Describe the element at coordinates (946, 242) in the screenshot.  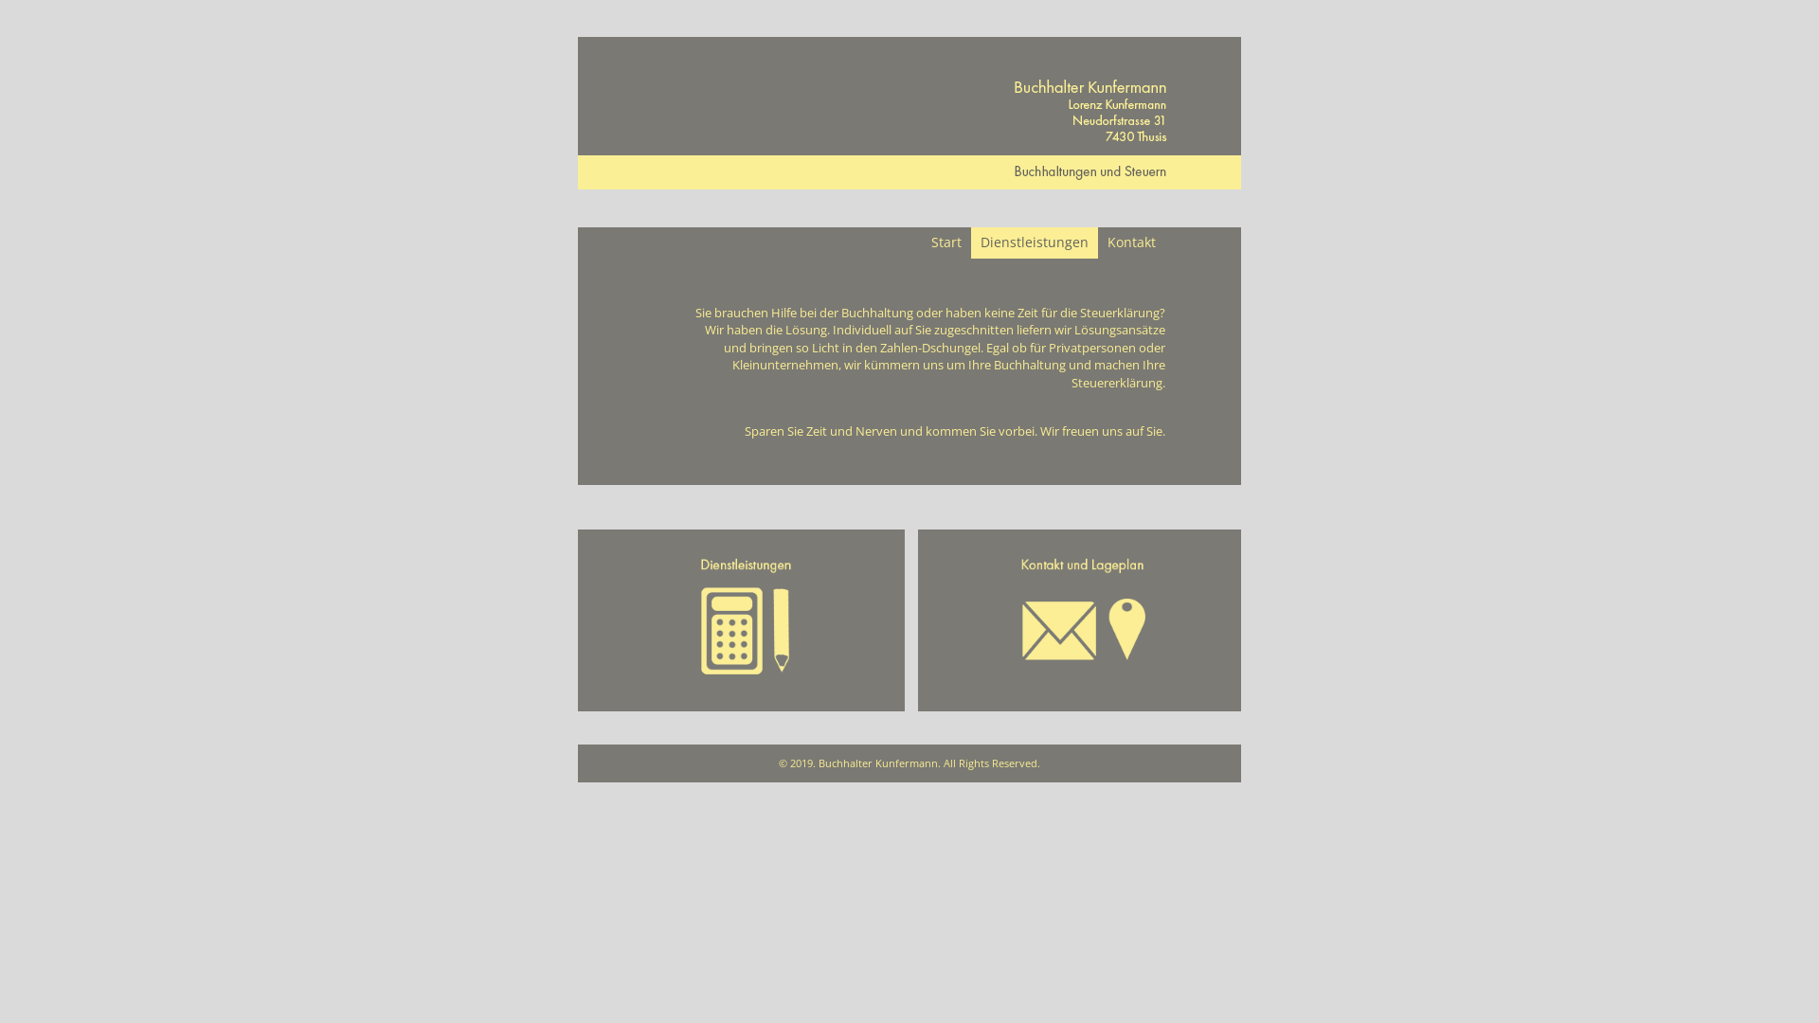
I see `'Start'` at that location.